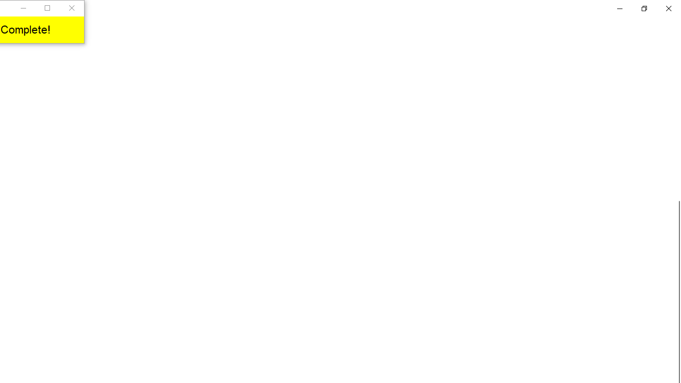 This screenshot has height=383, width=681. What do you see at coordinates (619, 8) in the screenshot?
I see `'Minimize Settings'` at bounding box center [619, 8].